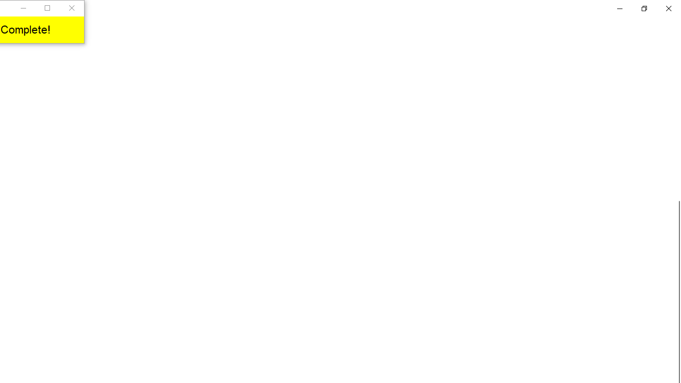 This screenshot has height=383, width=681. What do you see at coordinates (619, 8) in the screenshot?
I see `'Minimize Settings'` at bounding box center [619, 8].